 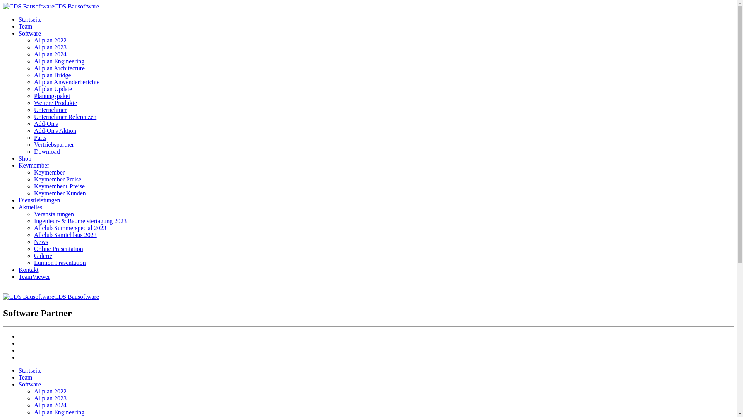 What do you see at coordinates (59, 193) in the screenshot?
I see `'Keymember Kunden'` at bounding box center [59, 193].